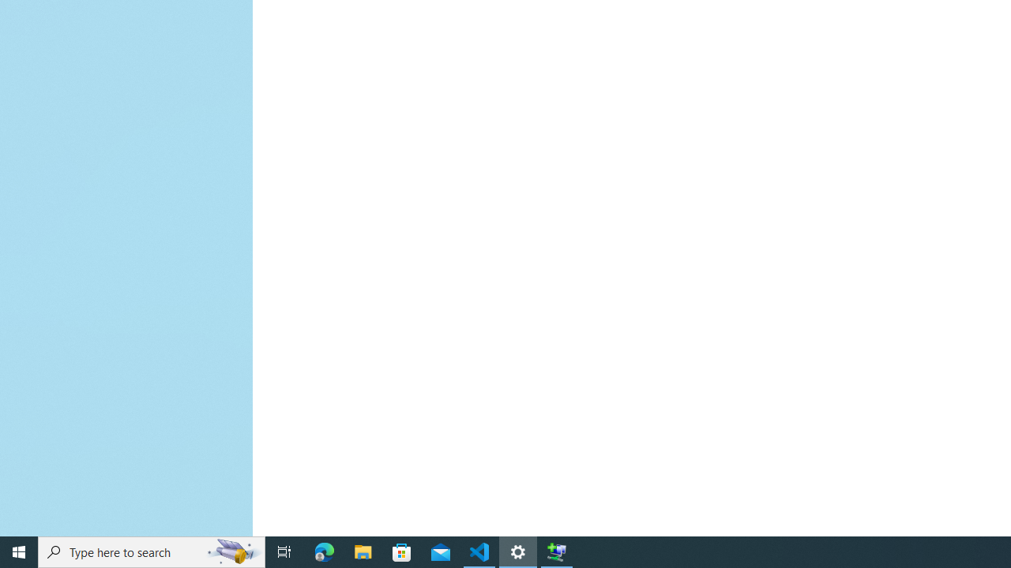 Image resolution: width=1011 pixels, height=568 pixels. Describe the element at coordinates (152, 551) in the screenshot. I see `'Type here to search'` at that location.